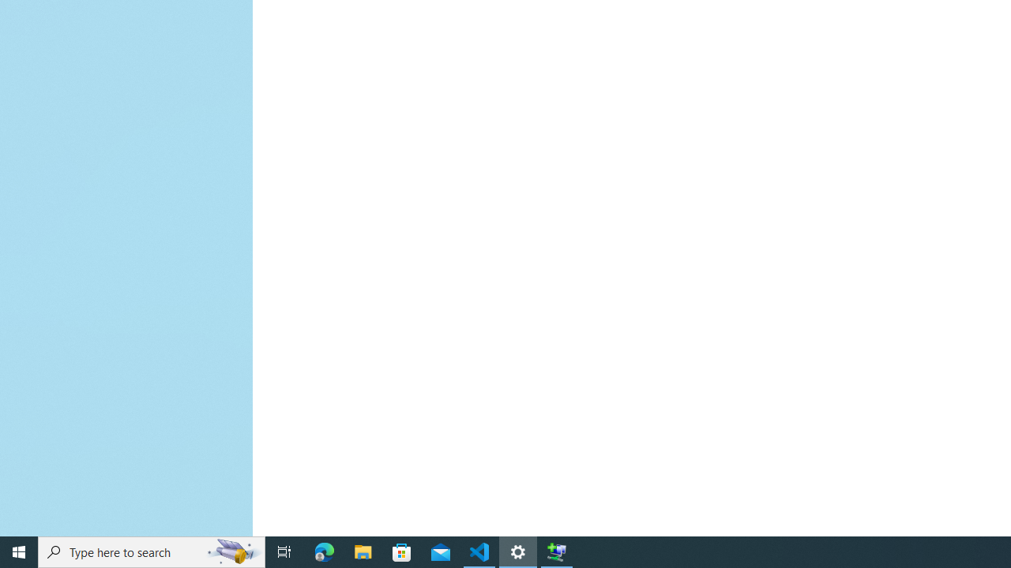 Image resolution: width=1011 pixels, height=568 pixels. Describe the element at coordinates (152, 551) in the screenshot. I see `'Type here to search'` at that location.